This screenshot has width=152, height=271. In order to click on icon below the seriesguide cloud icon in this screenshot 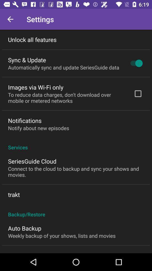, I will do `click(76, 171)`.